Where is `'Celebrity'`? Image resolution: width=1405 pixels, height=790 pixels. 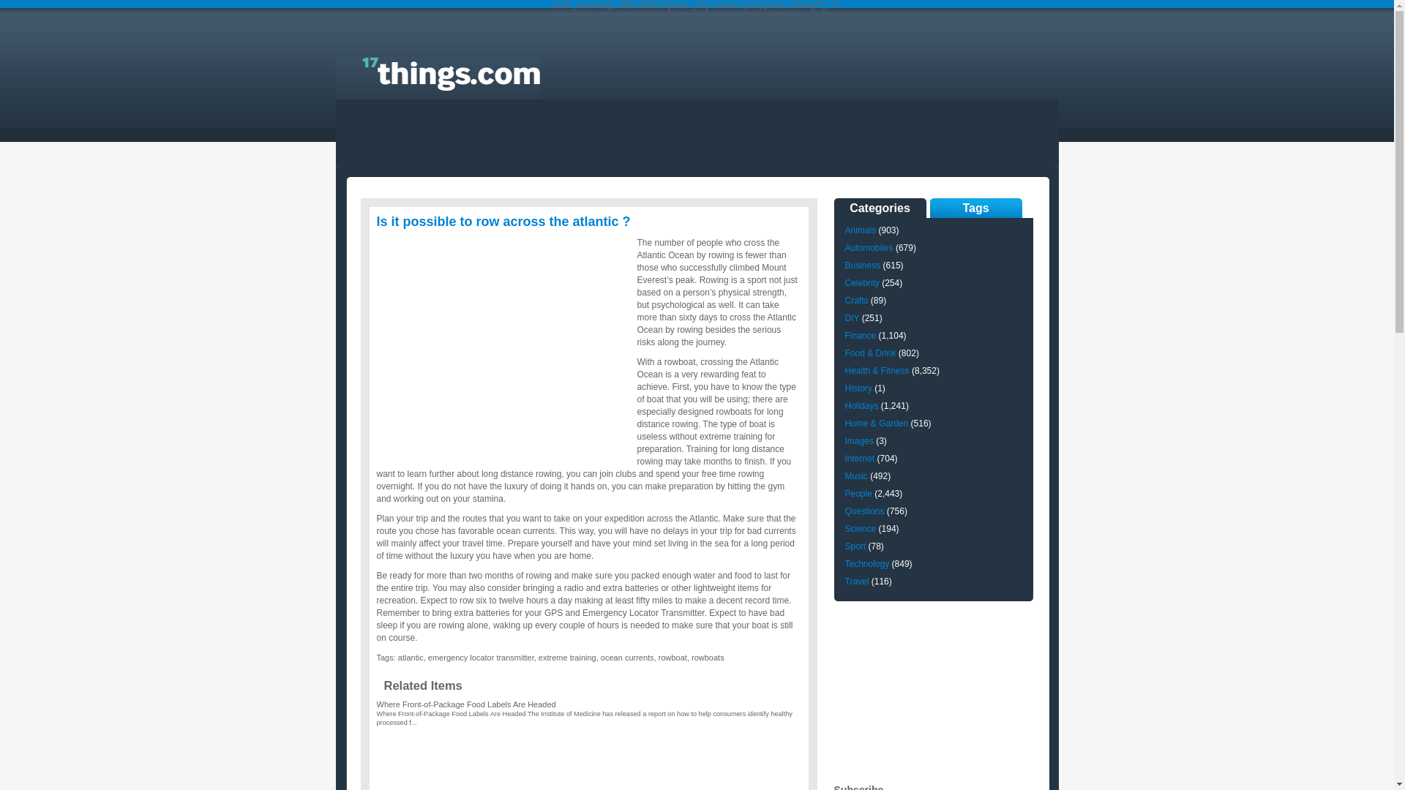
'Celebrity' is located at coordinates (861, 282).